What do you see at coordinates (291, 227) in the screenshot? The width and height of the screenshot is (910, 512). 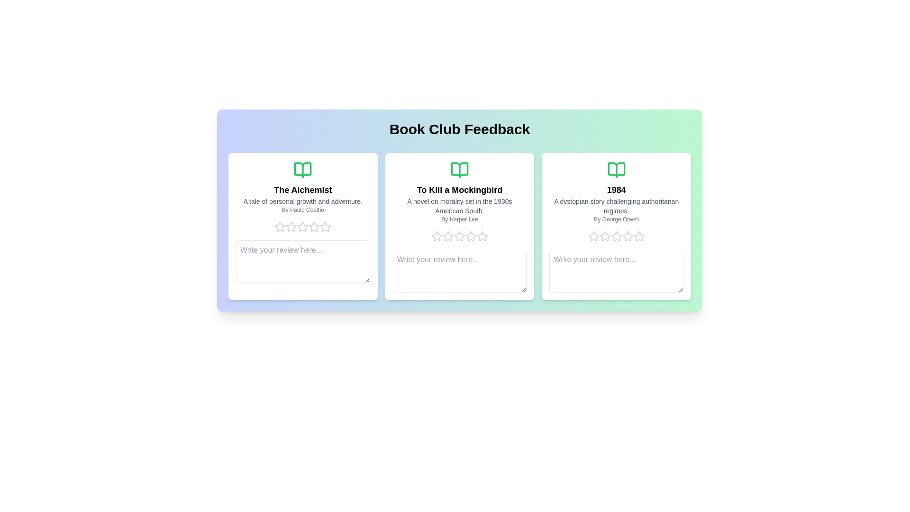 I see `the third star icon in the rating section under the title 'The Alchemist' to assign a rating` at bounding box center [291, 227].